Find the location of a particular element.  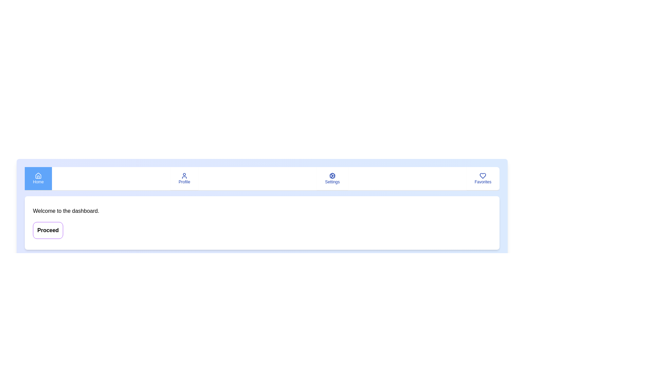

the Profile tab is located at coordinates (184, 178).